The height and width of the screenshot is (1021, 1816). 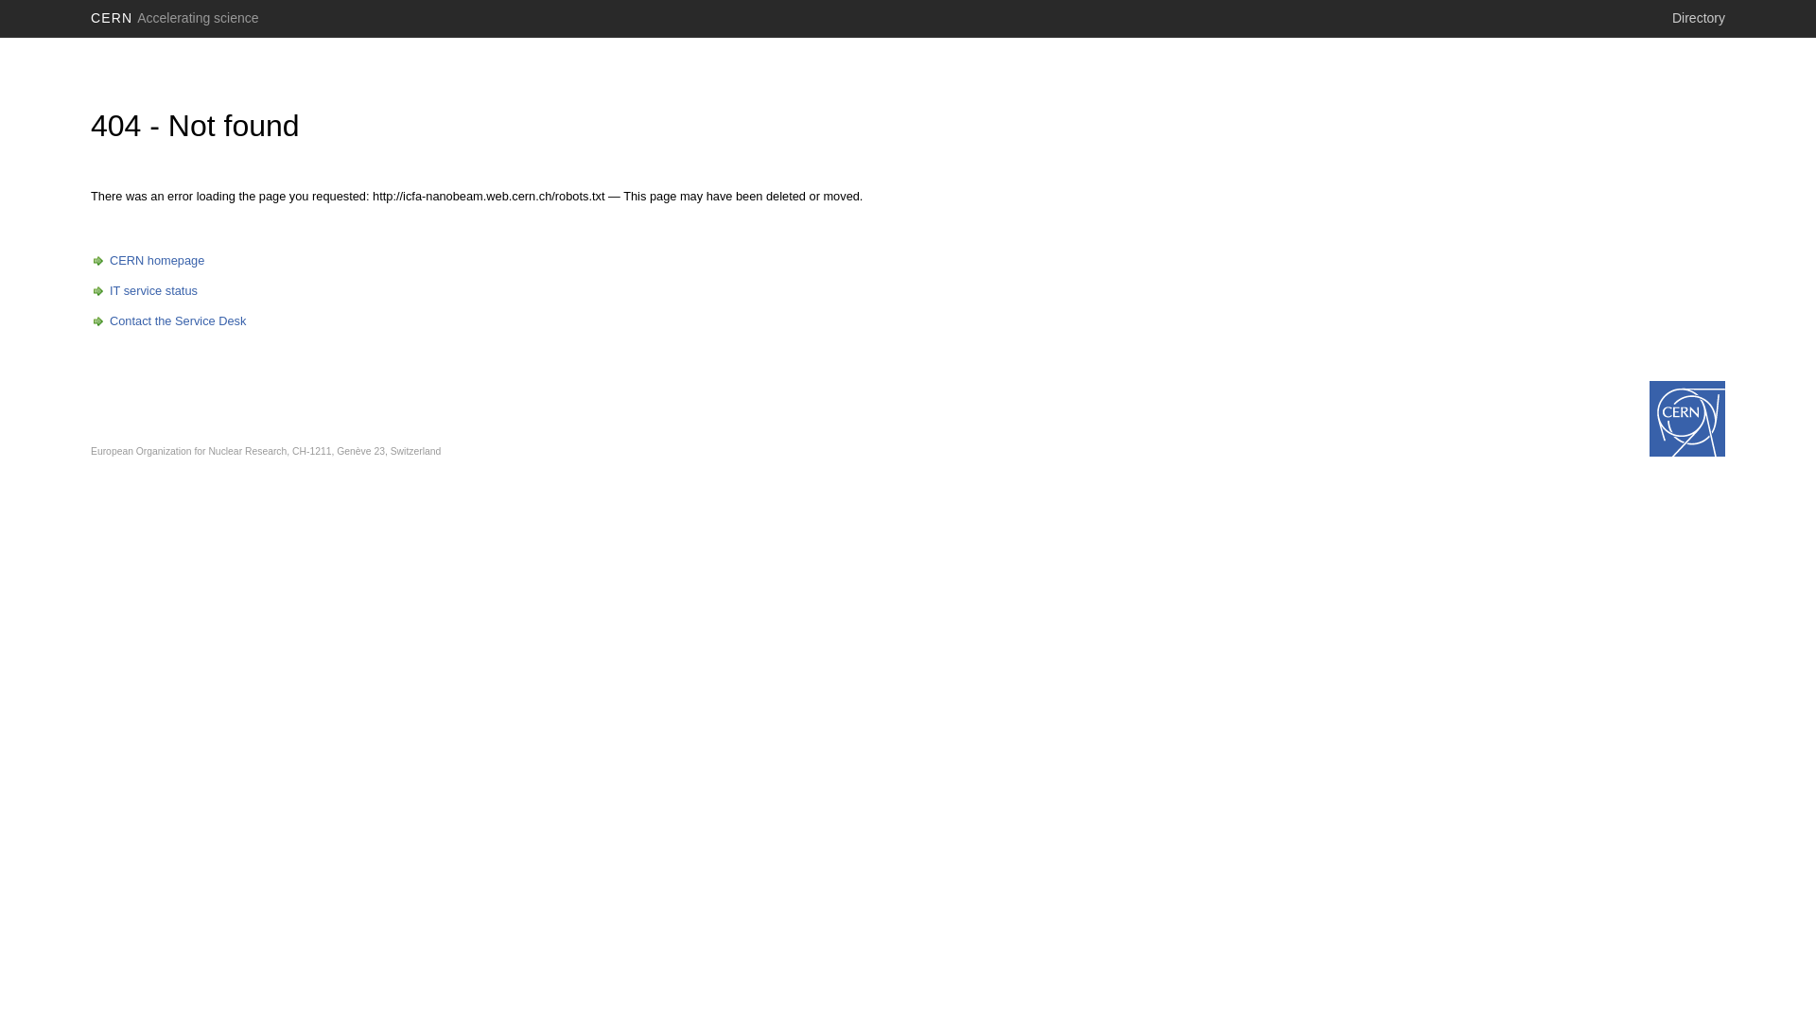 What do you see at coordinates (143, 290) in the screenshot?
I see `'IT service status'` at bounding box center [143, 290].